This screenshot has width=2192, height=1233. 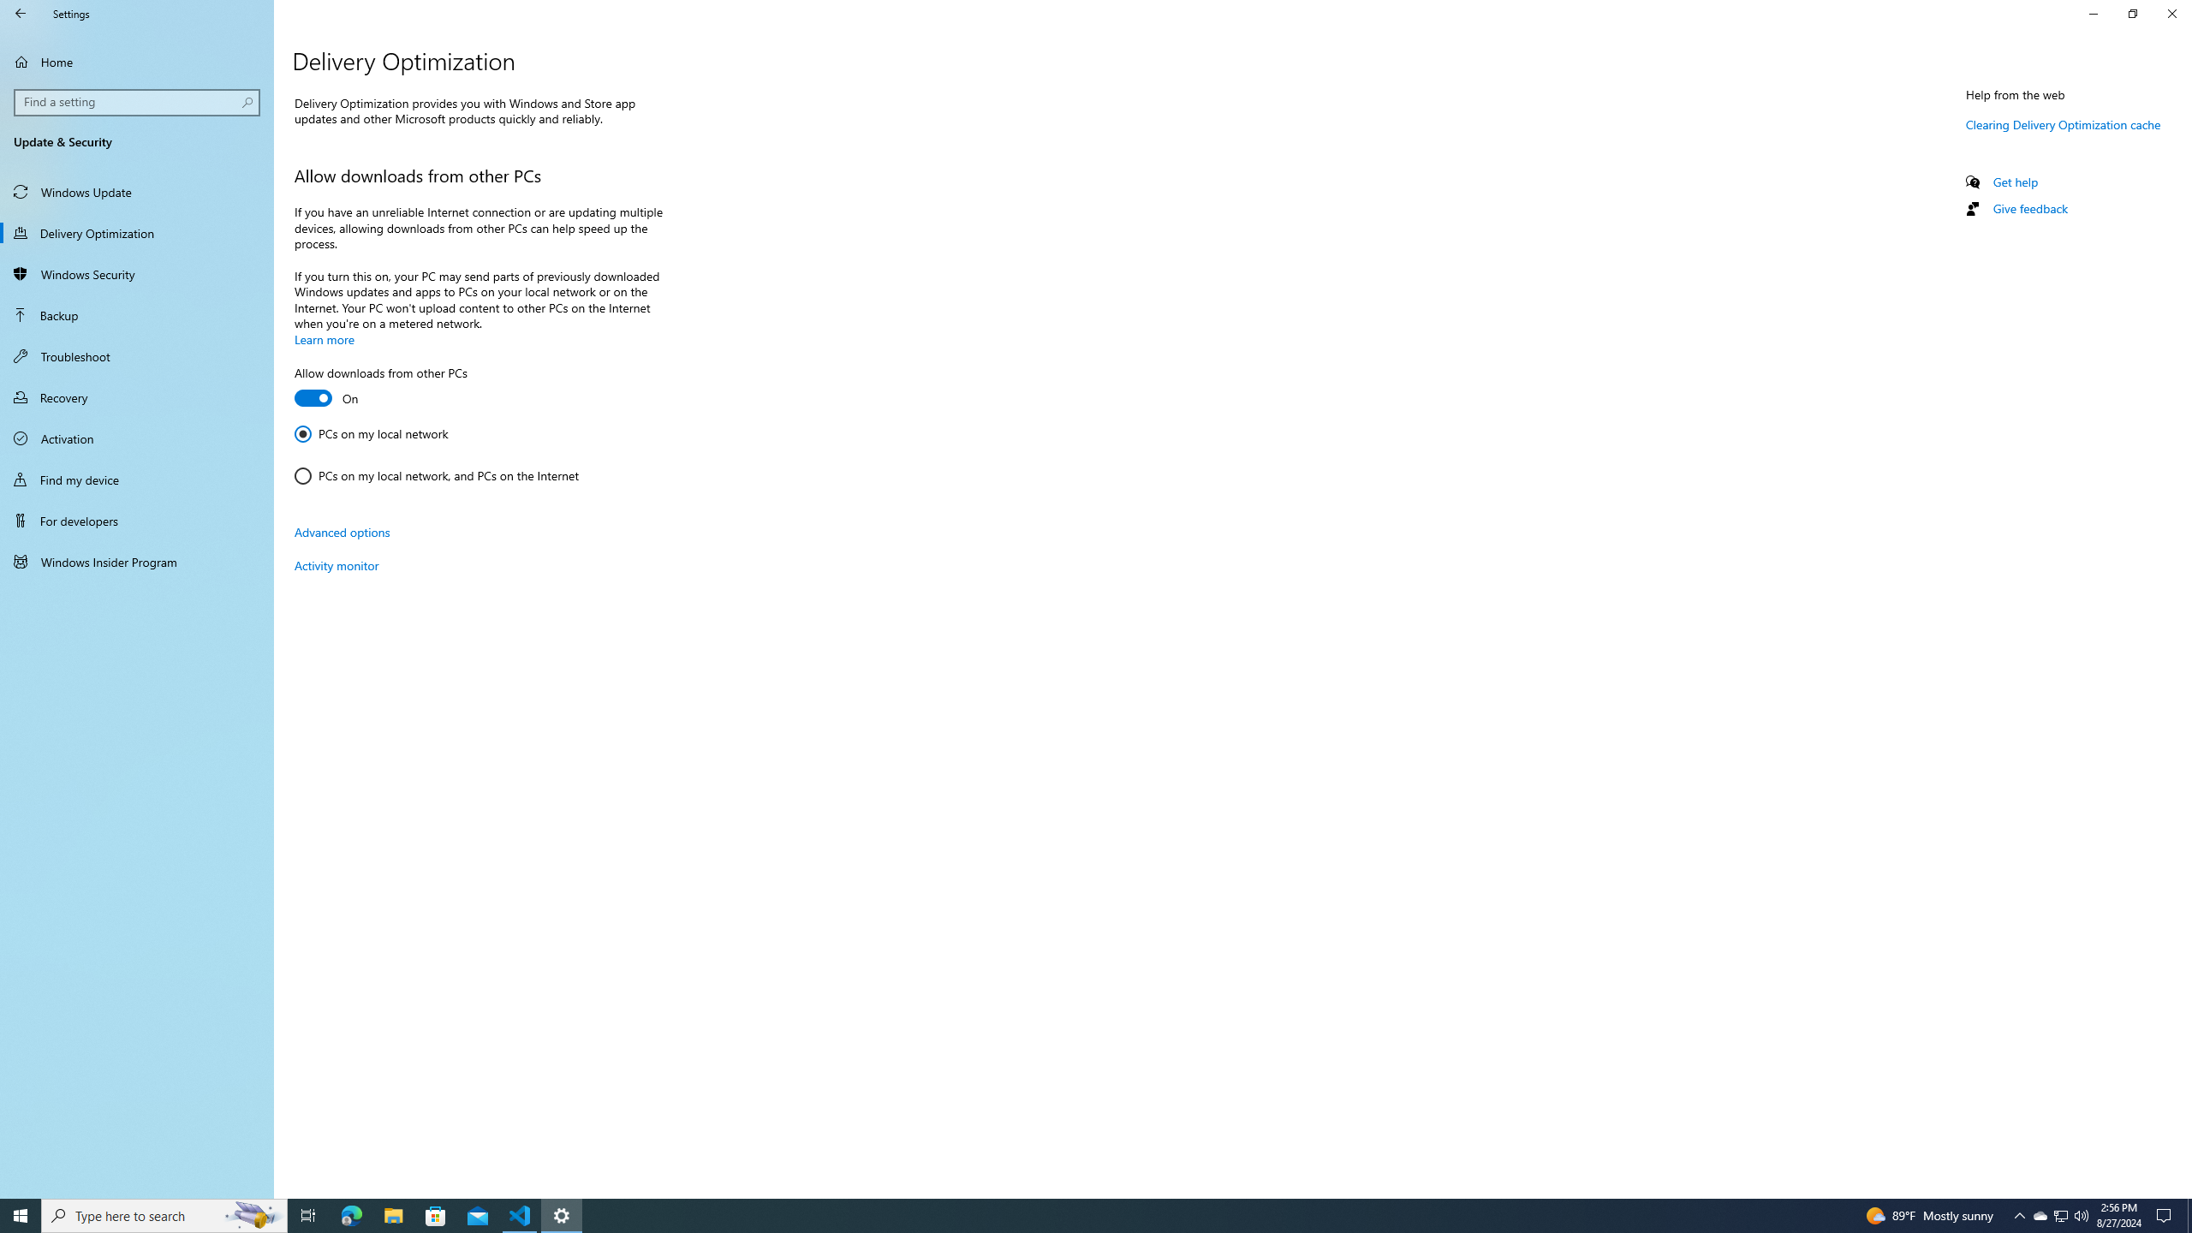 What do you see at coordinates (2189, 1214) in the screenshot?
I see `'Show desktop'` at bounding box center [2189, 1214].